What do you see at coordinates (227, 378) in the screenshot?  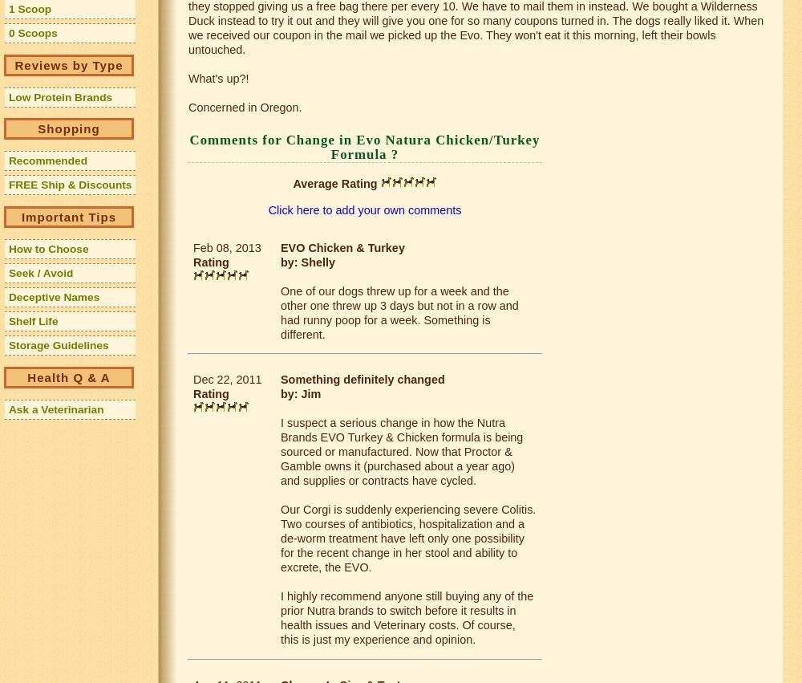 I see `'Dec 22, 2011'` at bounding box center [227, 378].